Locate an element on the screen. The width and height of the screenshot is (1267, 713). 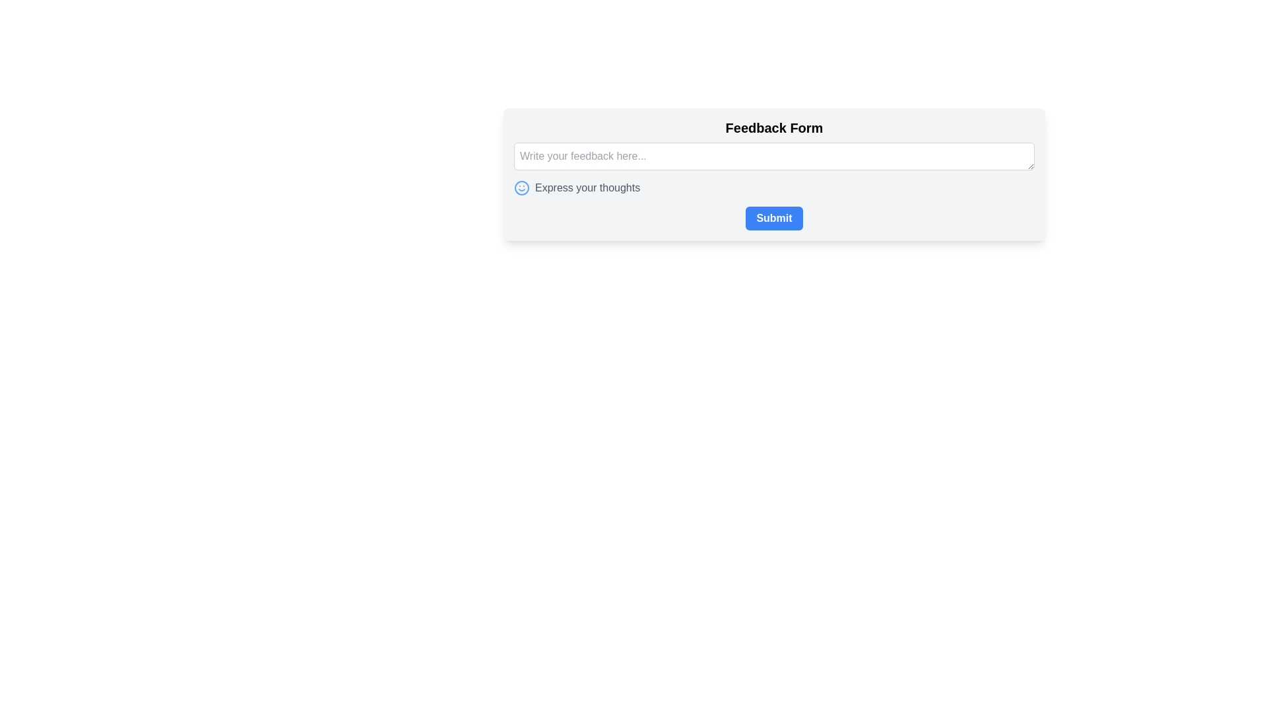
the decorative icon located to the left of the label 'Express your thoughts', which signifies positivity or feedback is located at coordinates (521, 188).